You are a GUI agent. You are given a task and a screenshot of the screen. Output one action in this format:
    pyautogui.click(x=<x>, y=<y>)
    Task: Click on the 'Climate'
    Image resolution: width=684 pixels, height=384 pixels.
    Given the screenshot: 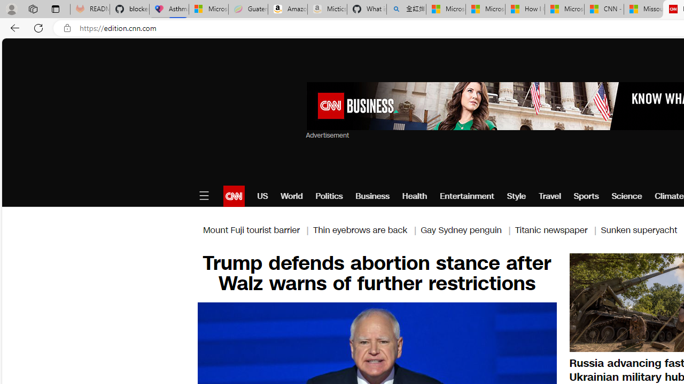 What is the action you would take?
    pyautogui.click(x=669, y=196)
    